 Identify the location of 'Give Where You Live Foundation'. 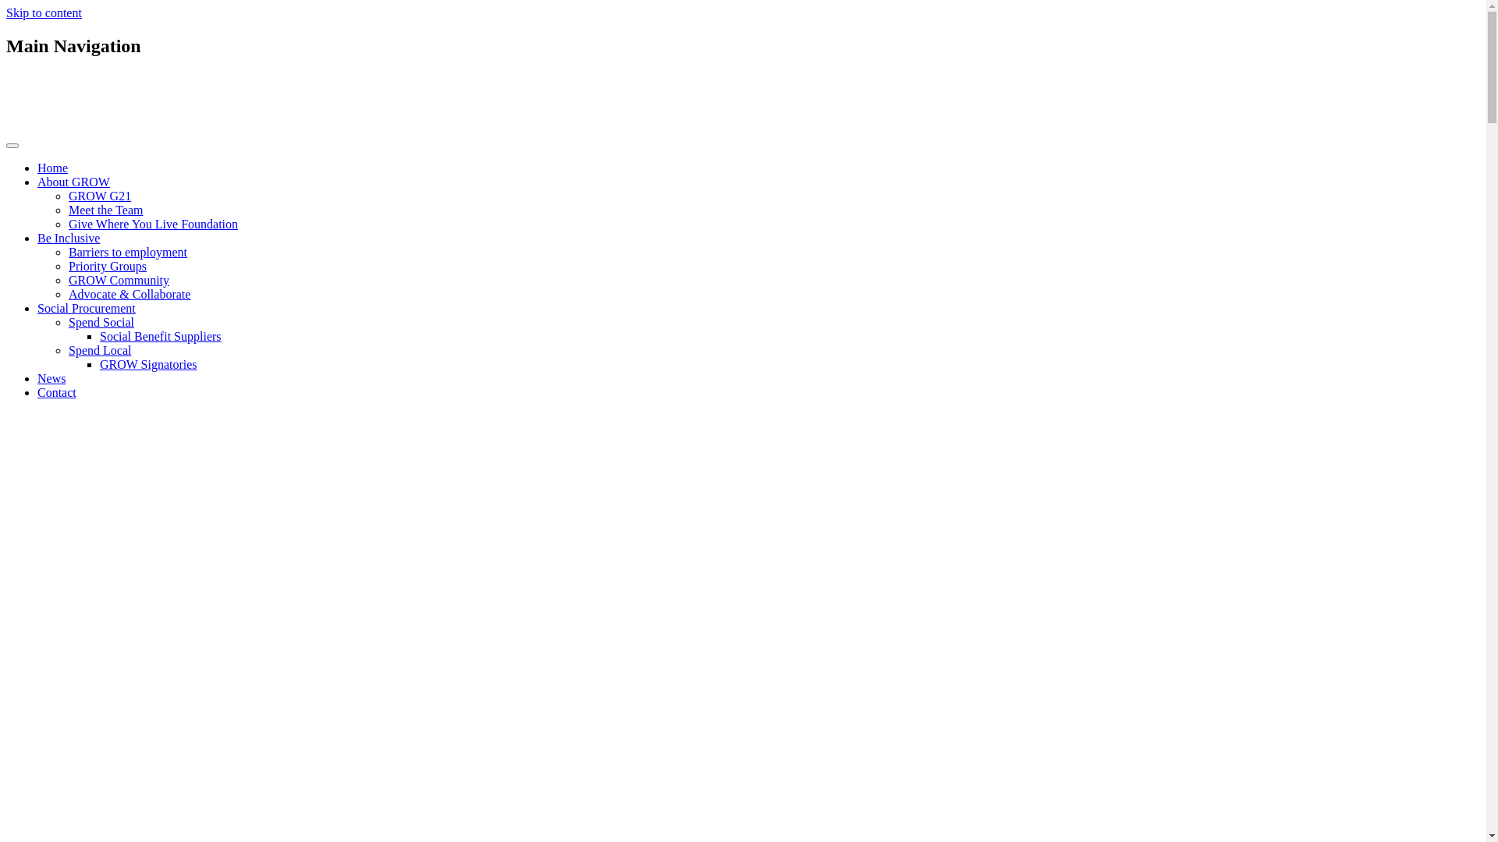
(153, 224).